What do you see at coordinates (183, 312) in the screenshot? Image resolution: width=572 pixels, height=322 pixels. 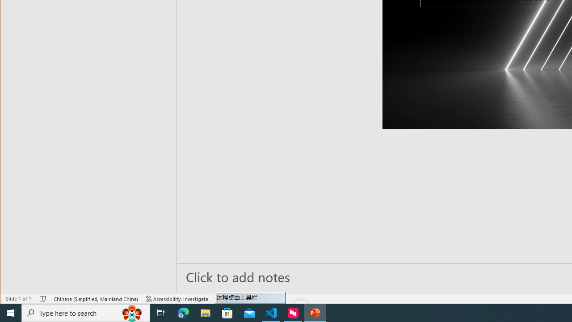 I see `'Microsoft Edge'` at bounding box center [183, 312].